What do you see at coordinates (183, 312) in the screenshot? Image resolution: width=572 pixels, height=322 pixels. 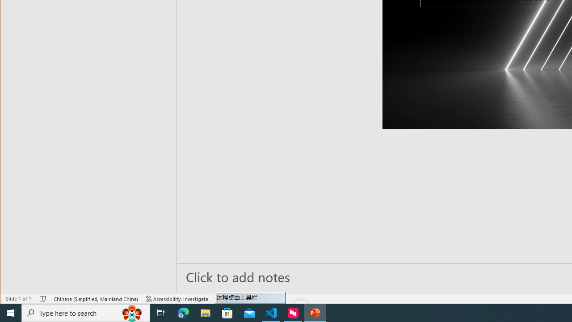 I see `'Microsoft Edge'` at bounding box center [183, 312].